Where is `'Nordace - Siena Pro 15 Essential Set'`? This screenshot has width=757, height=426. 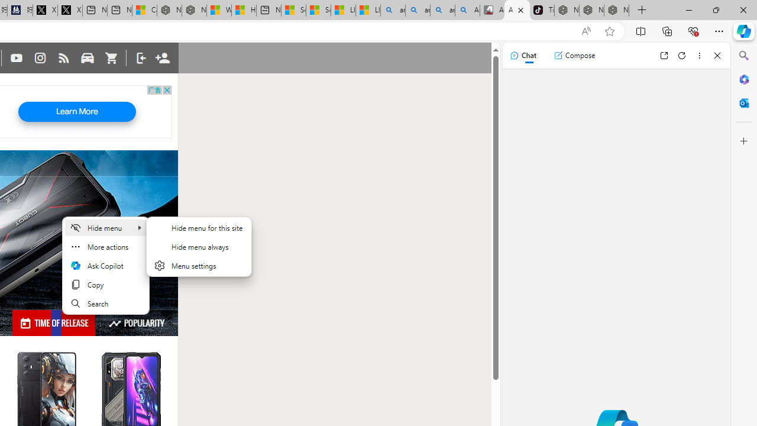
'Nordace - Siena Pro 15 Essential Set' is located at coordinates (616, 10).